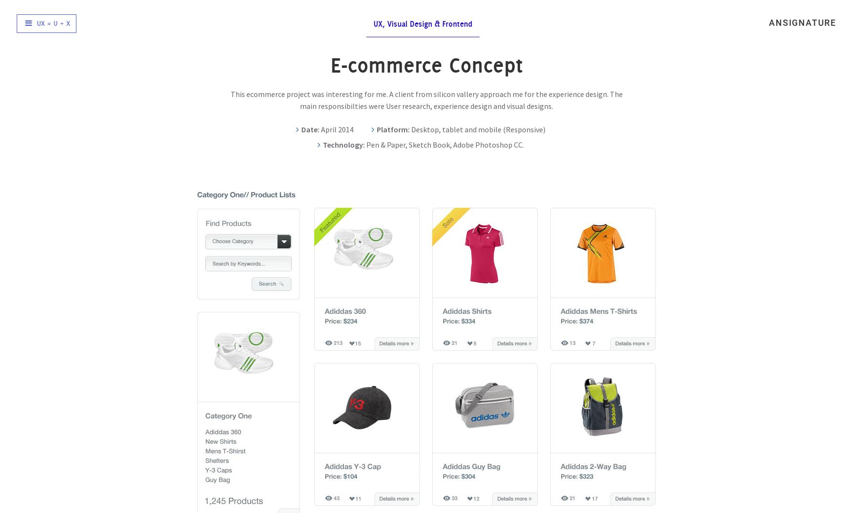  Describe the element at coordinates (802, 22) in the screenshot. I see `'ansignature'` at that location.